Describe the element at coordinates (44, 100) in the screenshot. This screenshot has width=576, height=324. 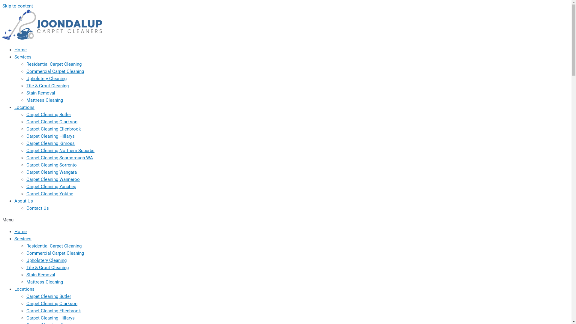
I see `'Mattress Cleaning'` at that location.